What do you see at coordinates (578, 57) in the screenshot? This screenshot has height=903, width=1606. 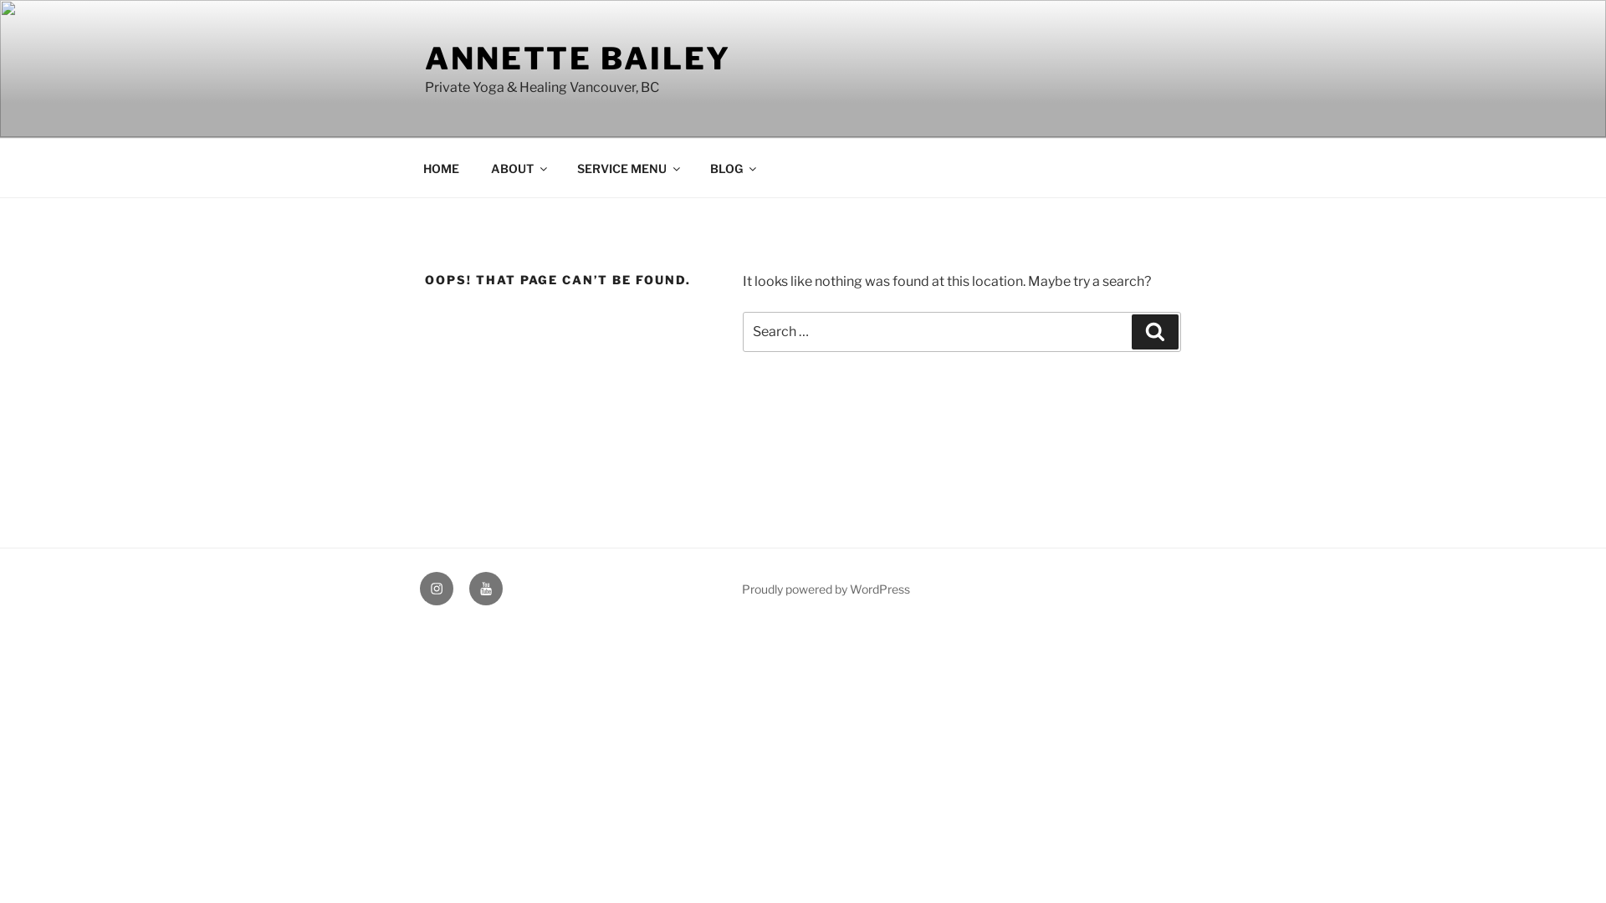 I see `'ANNETTE BAILEY'` at bounding box center [578, 57].